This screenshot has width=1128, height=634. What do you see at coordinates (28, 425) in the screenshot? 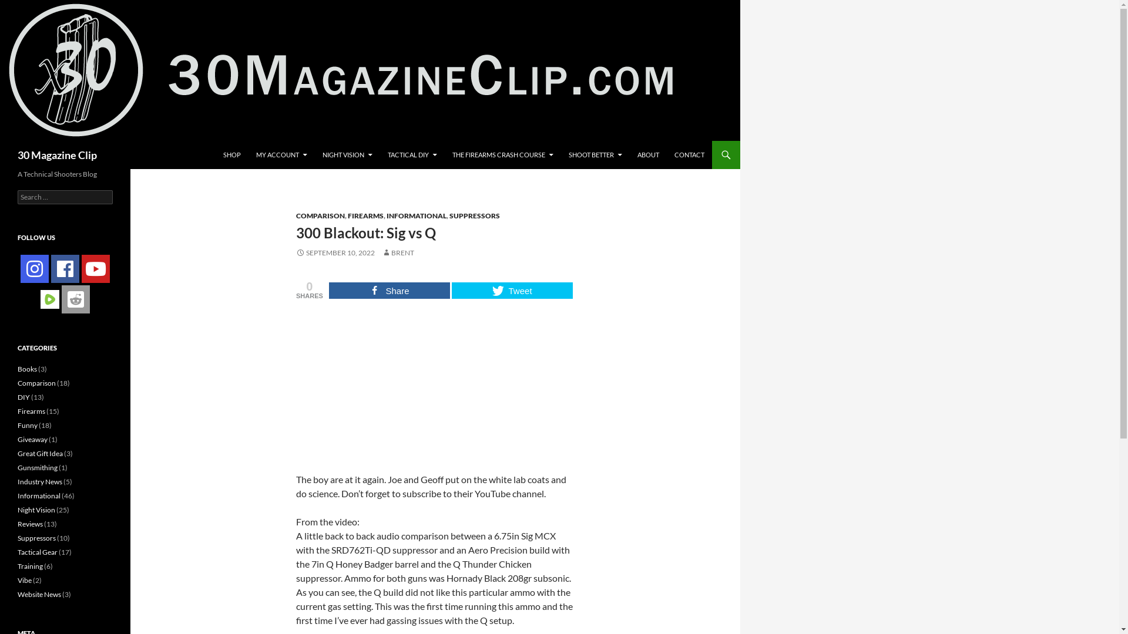
I see `'Funny'` at bounding box center [28, 425].